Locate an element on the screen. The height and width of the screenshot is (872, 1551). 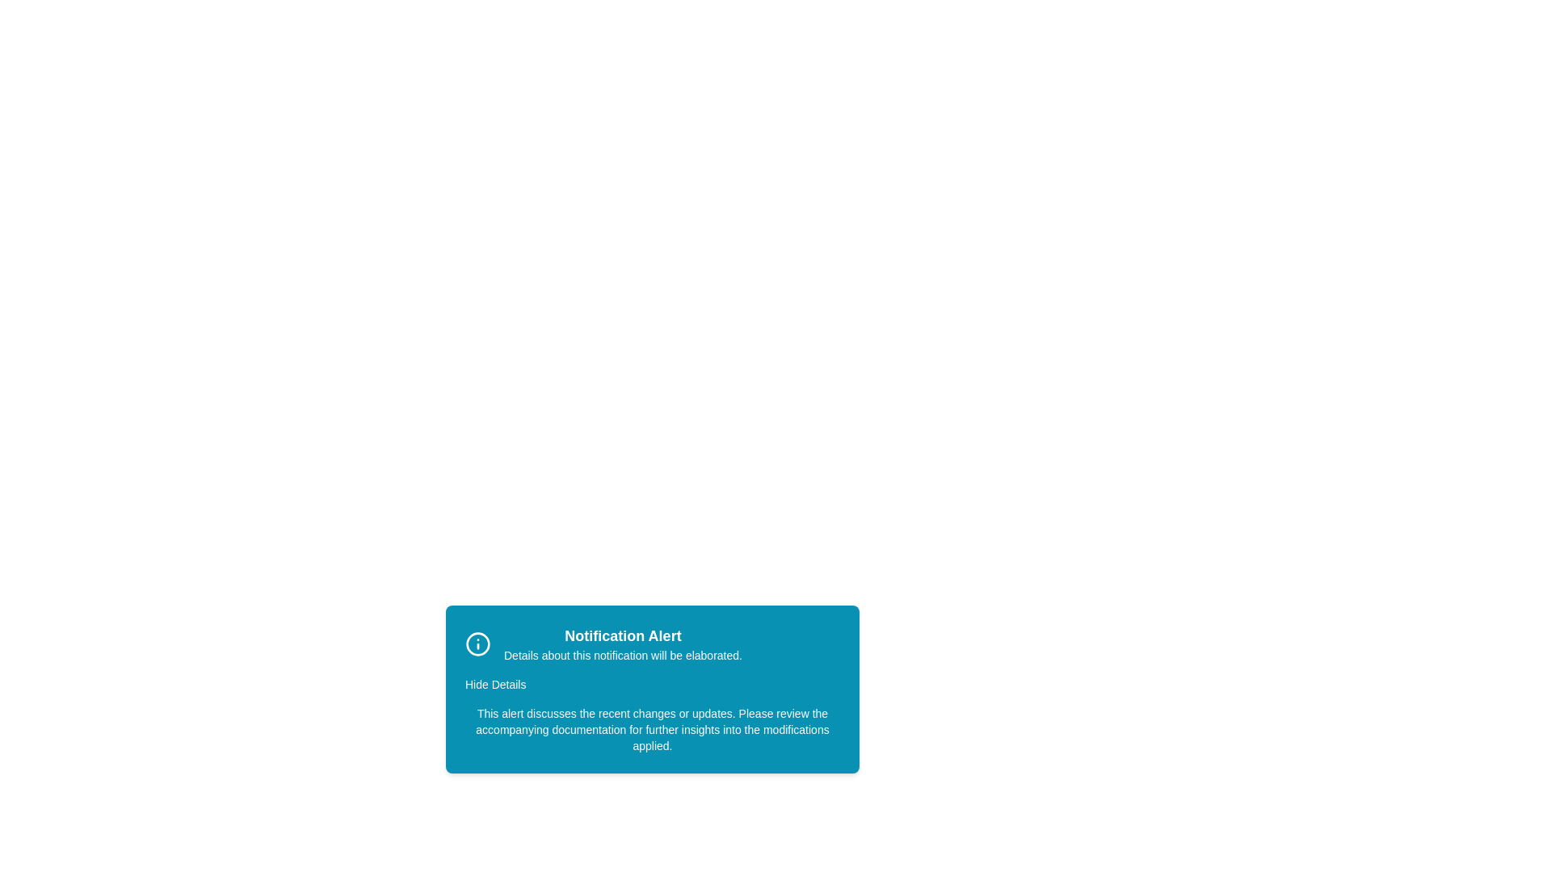
'Hide Details' button to toggle the visibility of additional information is located at coordinates (494, 685).